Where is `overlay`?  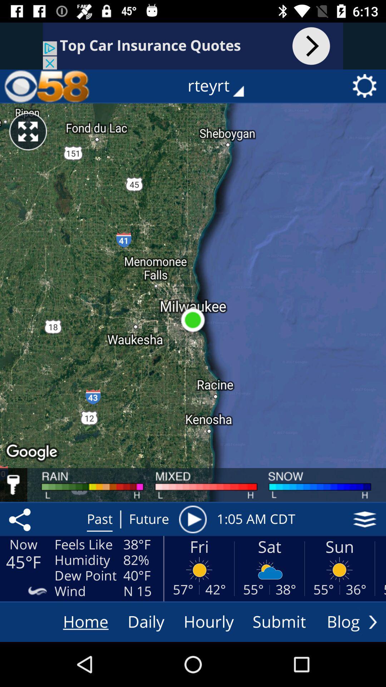 overlay is located at coordinates (365, 519).